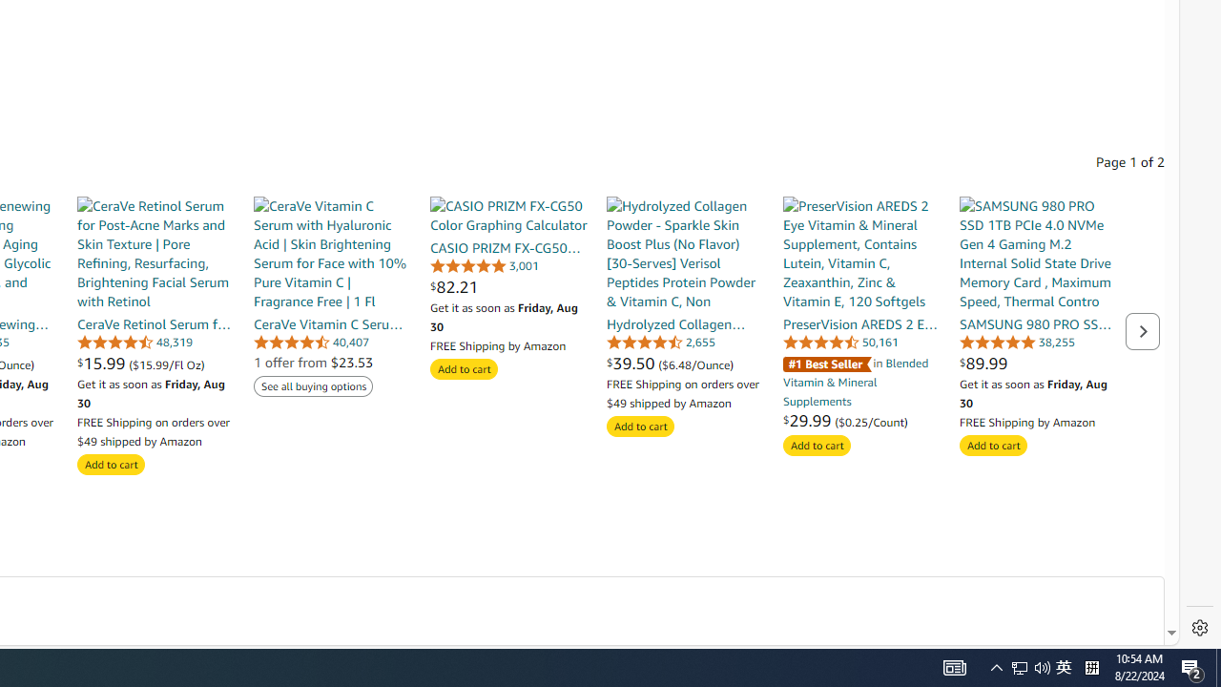  Describe the element at coordinates (632, 363) in the screenshot. I see `'$39.50 '` at that location.